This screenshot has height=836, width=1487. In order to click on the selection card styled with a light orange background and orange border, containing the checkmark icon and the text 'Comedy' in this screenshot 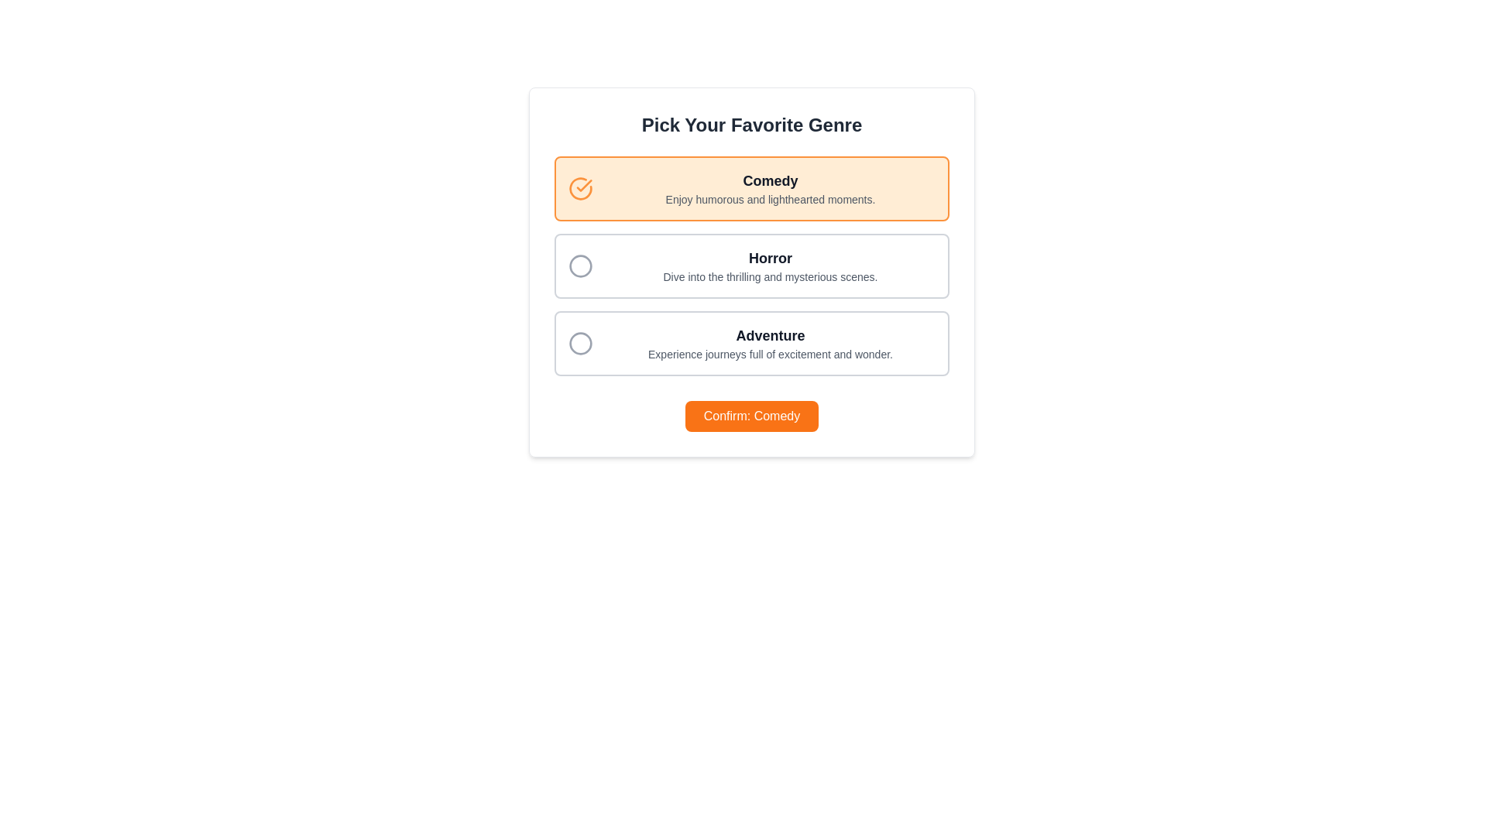, I will do `click(751, 187)`.